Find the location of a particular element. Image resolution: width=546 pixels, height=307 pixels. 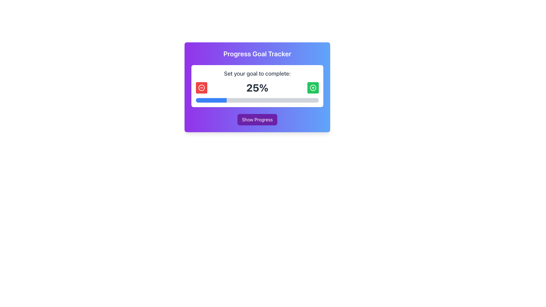

the SVG circle element that is part of the progress tracker, located to the right of the goal completion percentage indicator is located at coordinates (313, 88).